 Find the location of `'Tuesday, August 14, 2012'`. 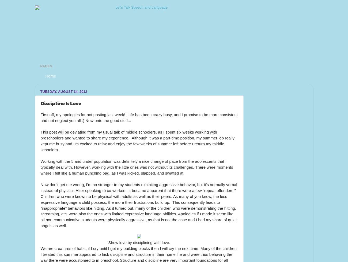

'Tuesday, August 14, 2012' is located at coordinates (63, 91).